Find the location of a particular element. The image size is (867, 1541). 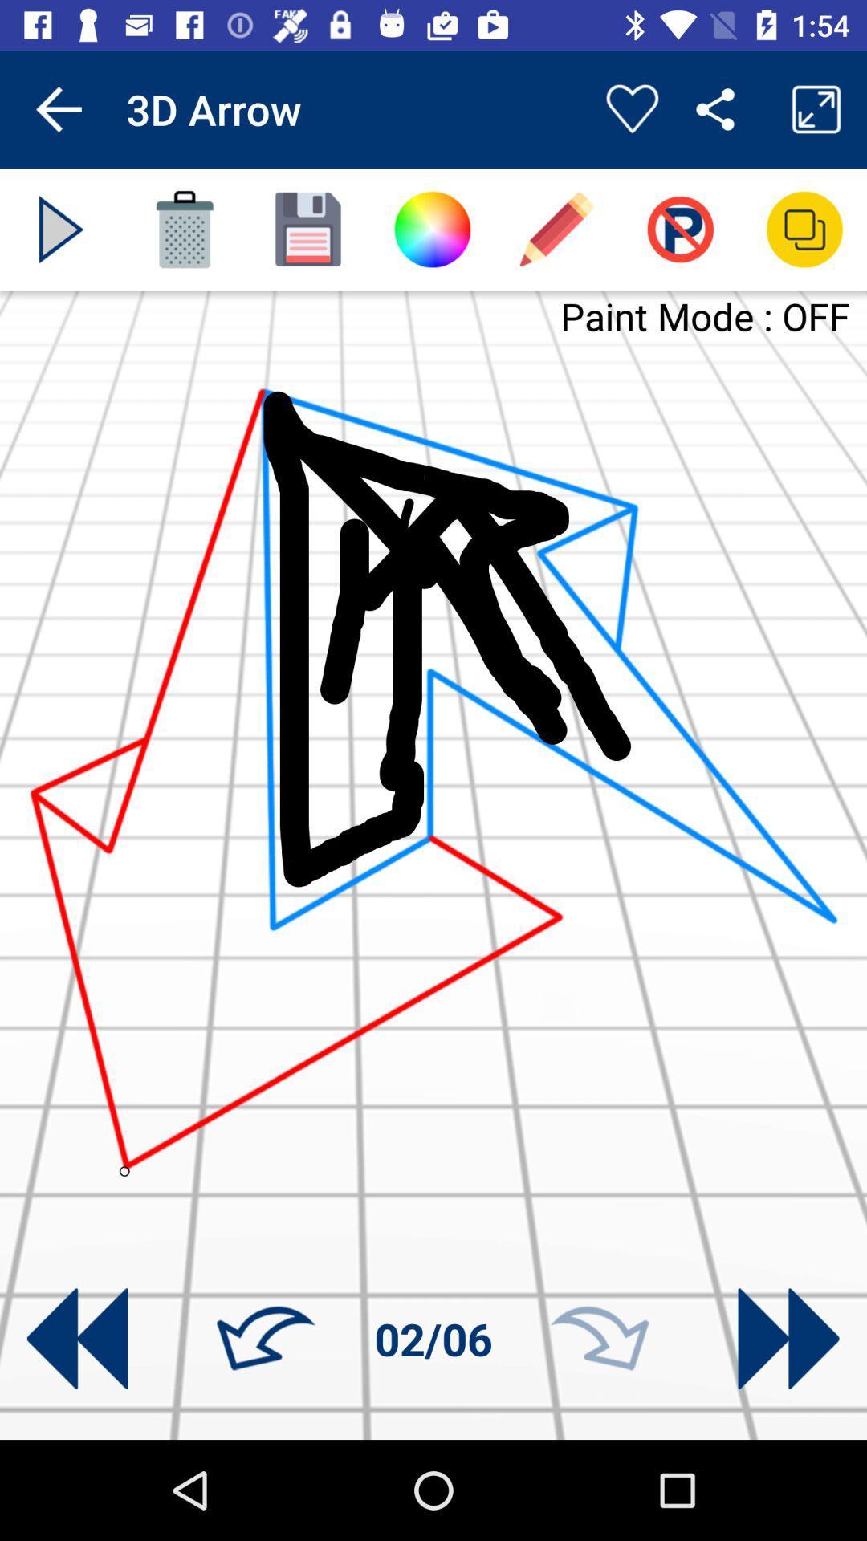

the item next to the 02/06 icon is located at coordinates (600, 1339).